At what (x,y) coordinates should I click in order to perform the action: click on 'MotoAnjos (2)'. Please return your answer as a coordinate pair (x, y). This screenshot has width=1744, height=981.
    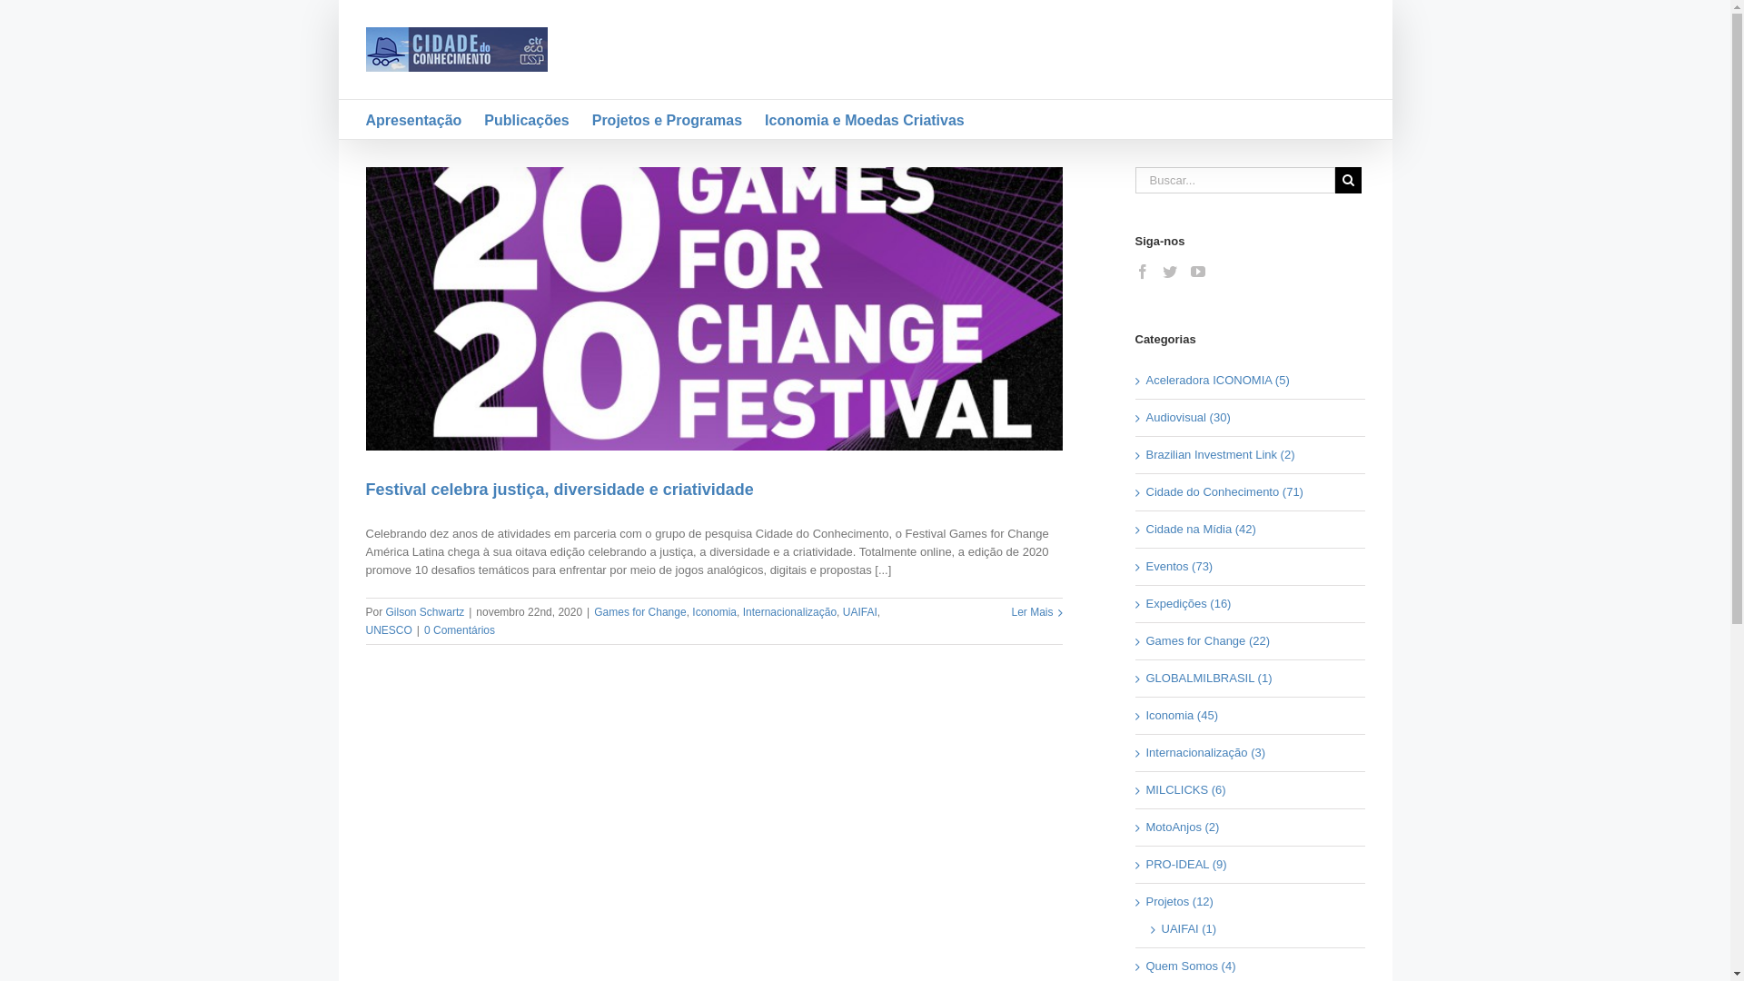
    Looking at the image, I should click on (1250, 827).